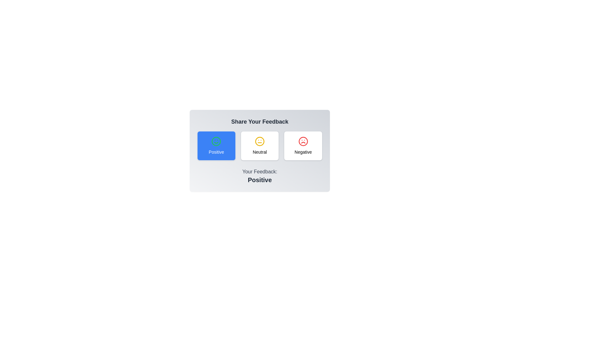 This screenshot has height=338, width=601. Describe the element at coordinates (303, 146) in the screenshot. I see `the feedback button labeled Negative` at that location.